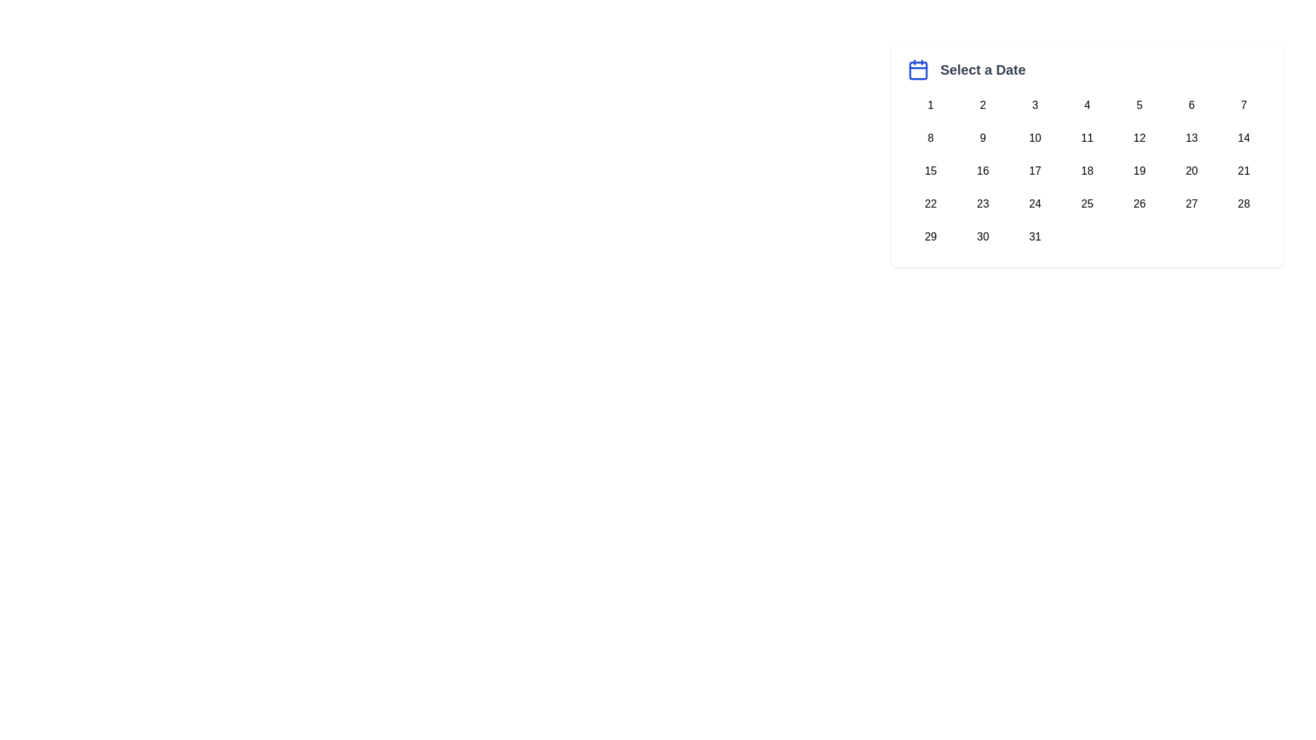 The width and height of the screenshot is (1316, 740). What do you see at coordinates (918, 69) in the screenshot?
I see `the calendar icon located on the leftmost side of the date selection interface, adjacent to the text 'Select a Date'` at bounding box center [918, 69].